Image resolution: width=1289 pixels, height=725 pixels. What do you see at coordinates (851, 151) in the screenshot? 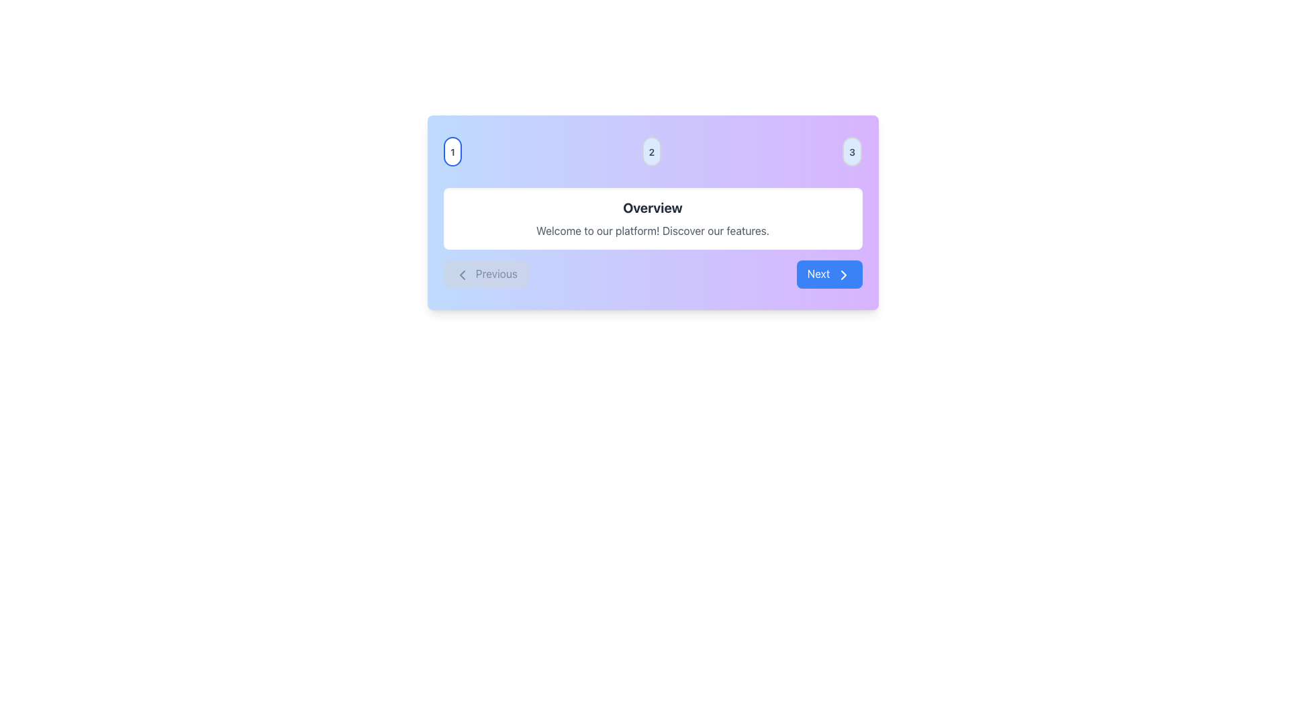
I see `the third step indicator button` at bounding box center [851, 151].